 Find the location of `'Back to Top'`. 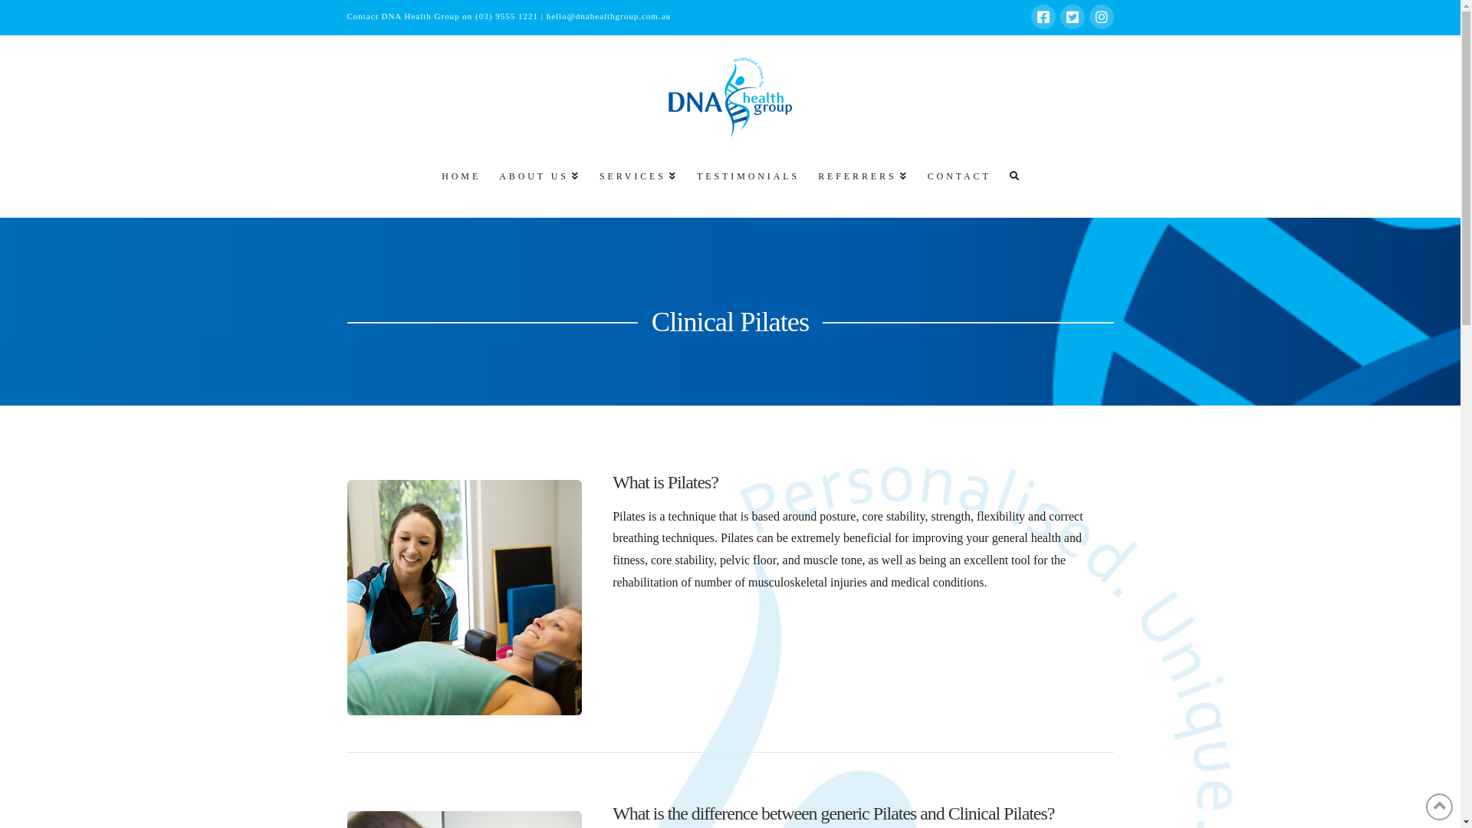

'Back to Top' is located at coordinates (1438, 806).